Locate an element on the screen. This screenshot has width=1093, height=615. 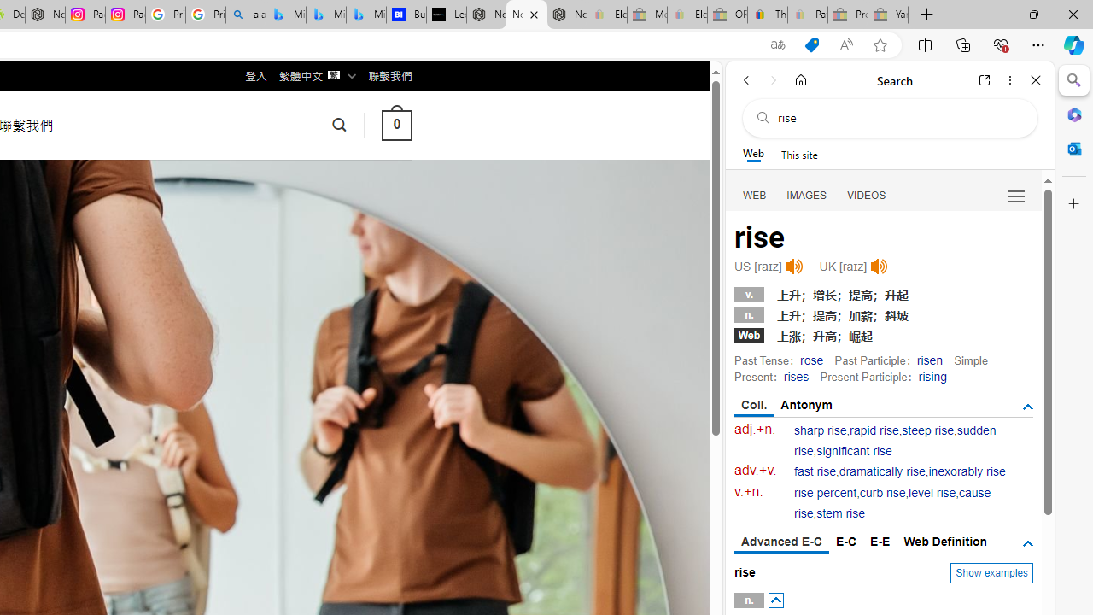
'Payments Terms of Use | eBay.com - Sleeping' is located at coordinates (806, 15).